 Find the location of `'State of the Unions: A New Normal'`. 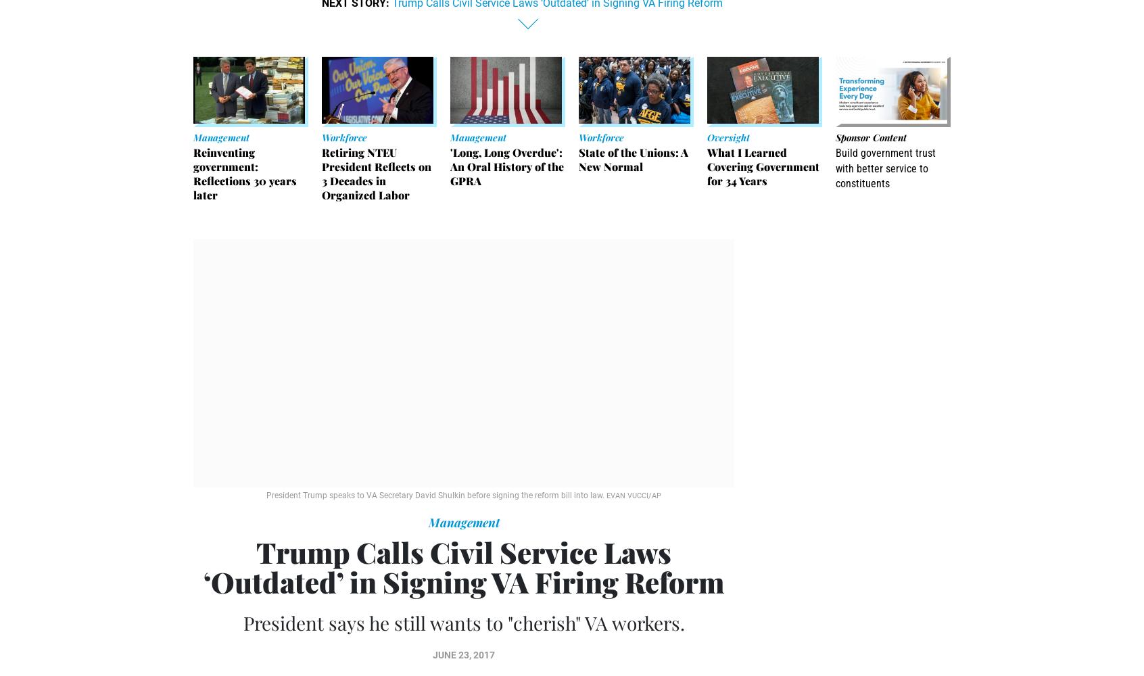

'State of the Unions: A New Normal' is located at coordinates (634, 159).